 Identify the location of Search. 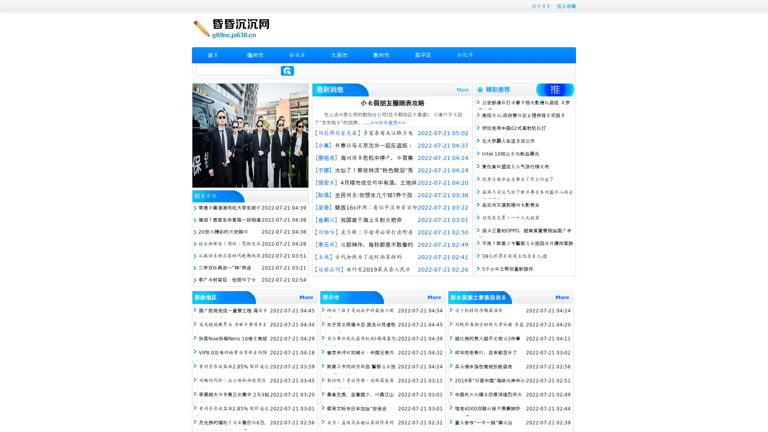
(287, 70).